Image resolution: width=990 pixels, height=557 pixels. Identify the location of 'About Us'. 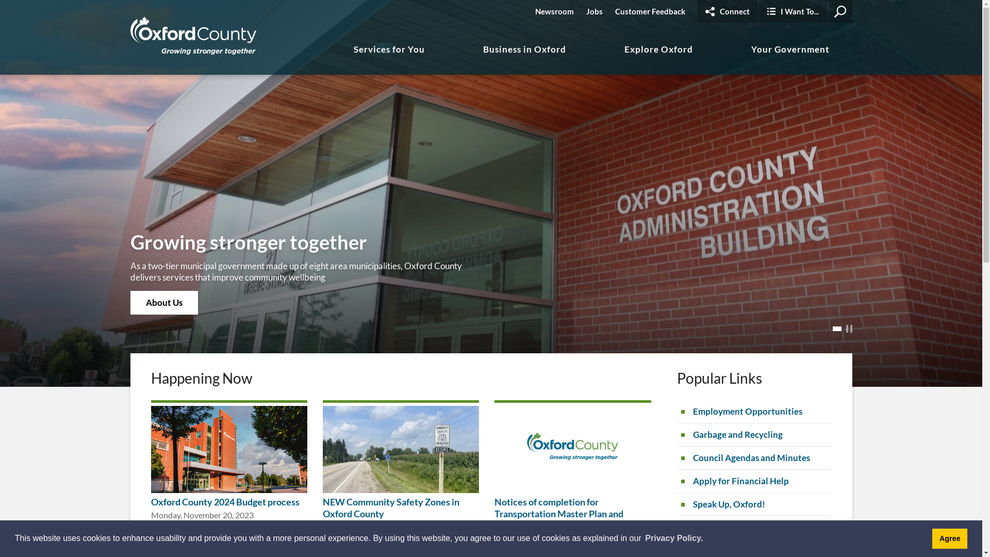
(163, 302).